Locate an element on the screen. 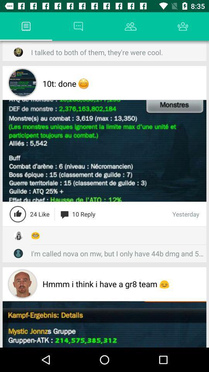 The width and height of the screenshot is (209, 372). the first image below 10t done is located at coordinates (104, 150).